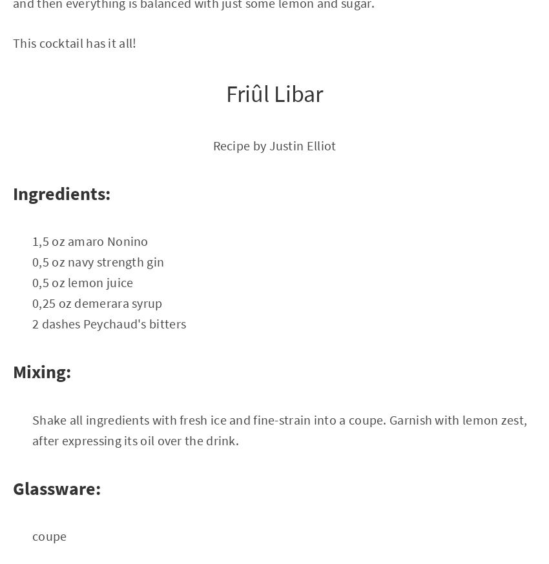 This screenshot has width=549, height=564. I want to click on 'Recipe by Justin Elliot', so click(274, 145).